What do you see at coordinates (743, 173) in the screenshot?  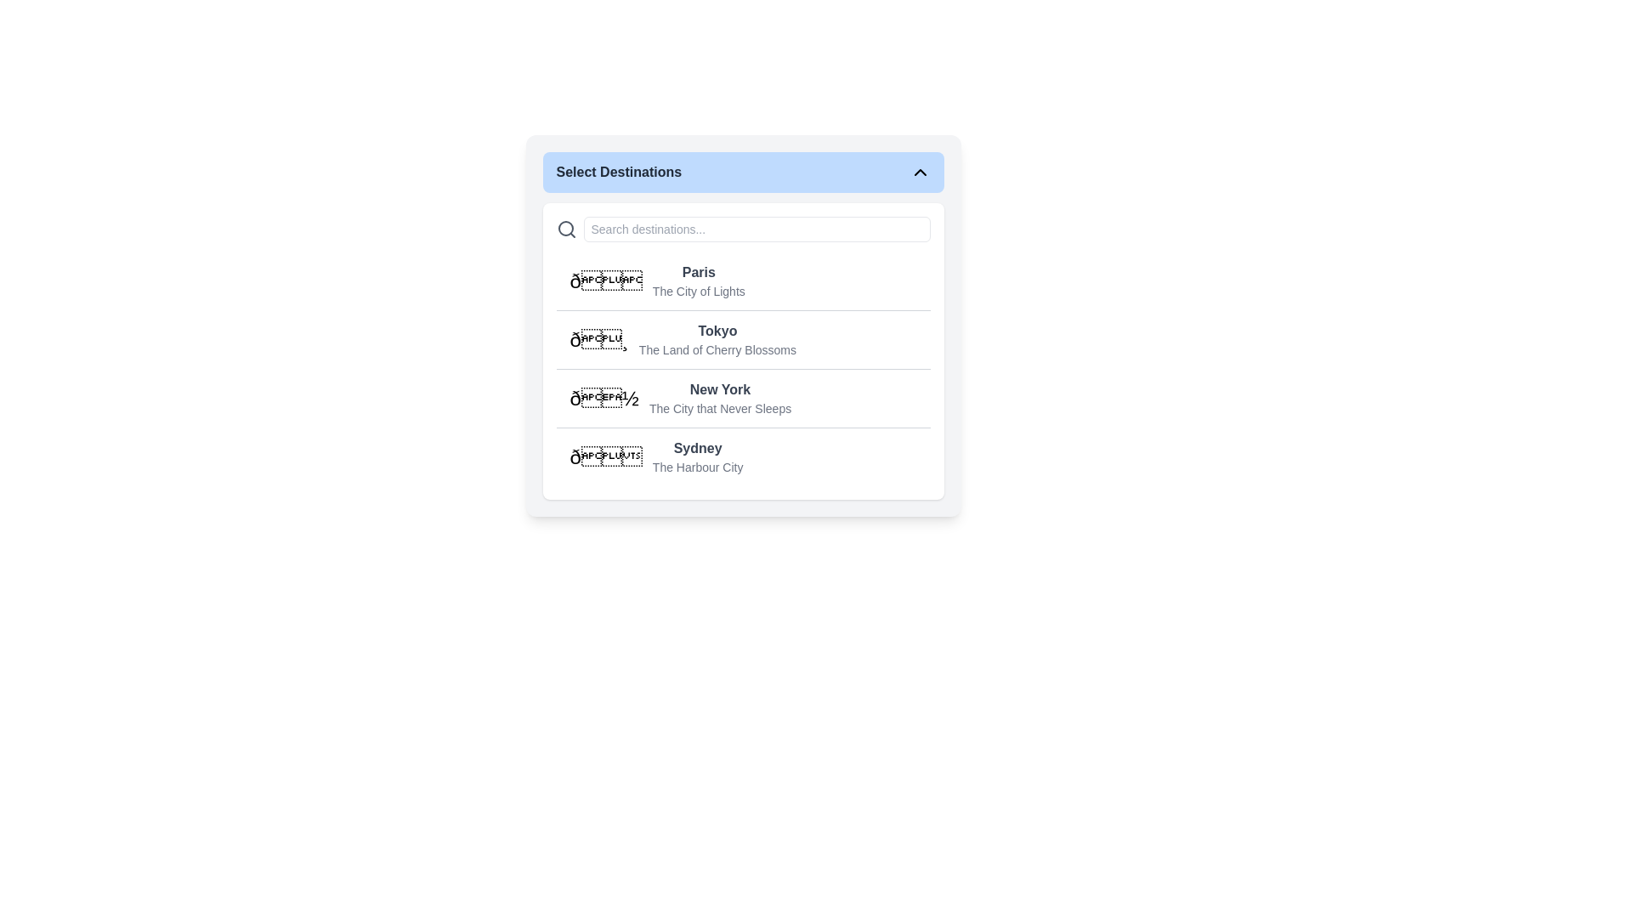 I see `the Dropdown button labeled 'Select Destinations' with a blue background and rounded corners` at bounding box center [743, 173].